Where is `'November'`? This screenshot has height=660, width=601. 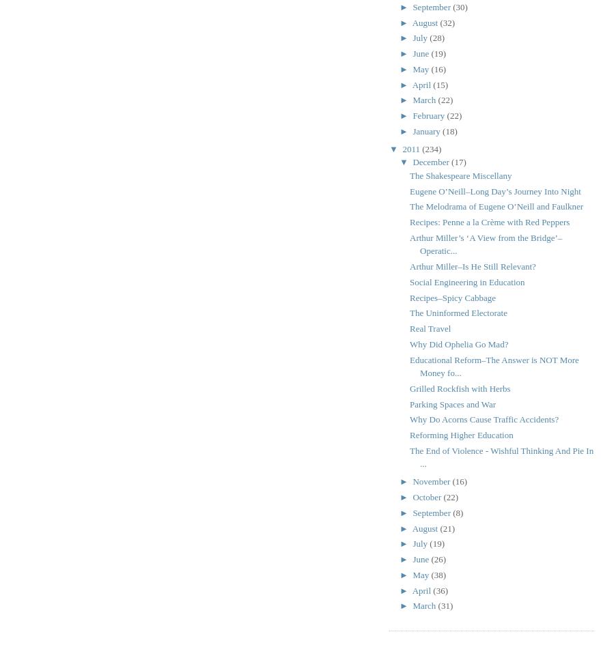 'November' is located at coordinates (432, 481).